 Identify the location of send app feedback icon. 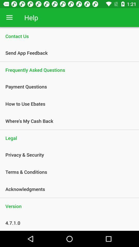
(67, 53).